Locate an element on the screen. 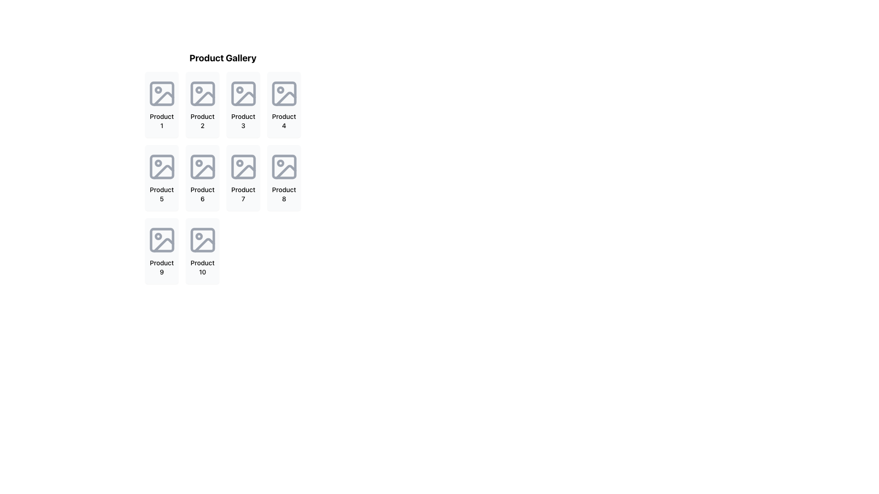 This screenshot has width=879, height=494. the Vector Graphic Icon in the 'Product 8' tile, located in the second row, fourth column of the product gallery grid is located at coordinates (285, 172).